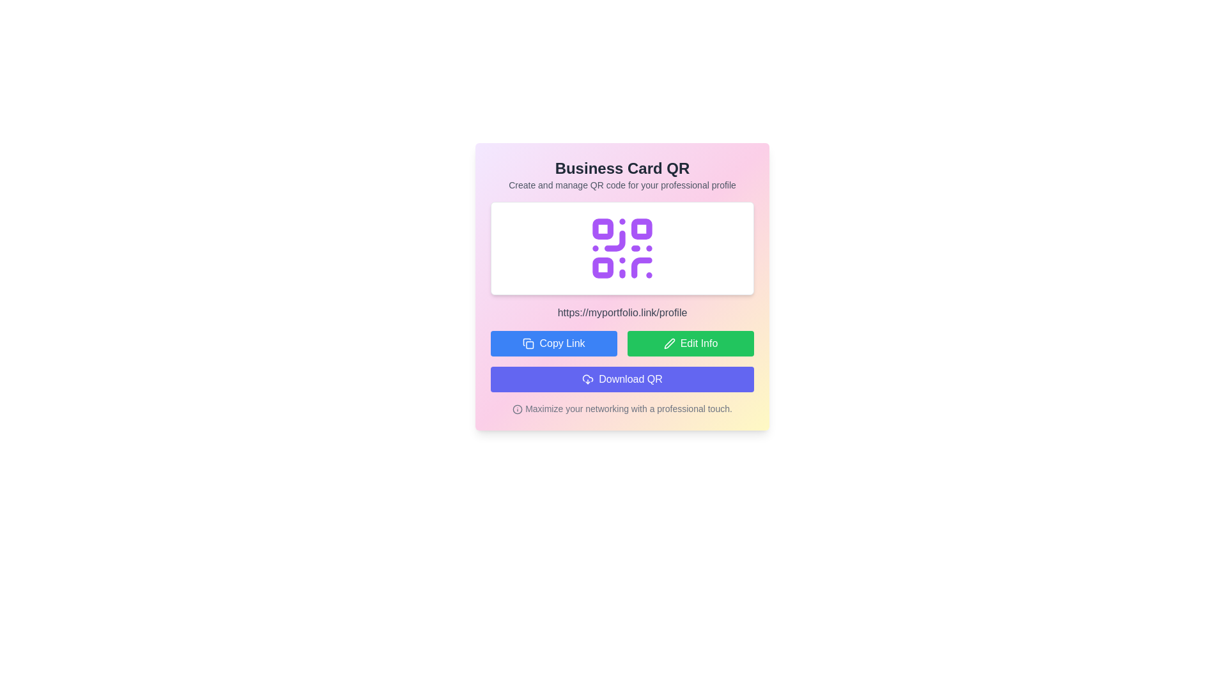 The height and width of the screenshot is (690, 1227). Describe the element at coordinates (642, 228) in the screenshot. I see `the violet square block with rounded corners located inside the QR code illustration, positioned second horizontally and first vertically within the QR code grid` at that location.